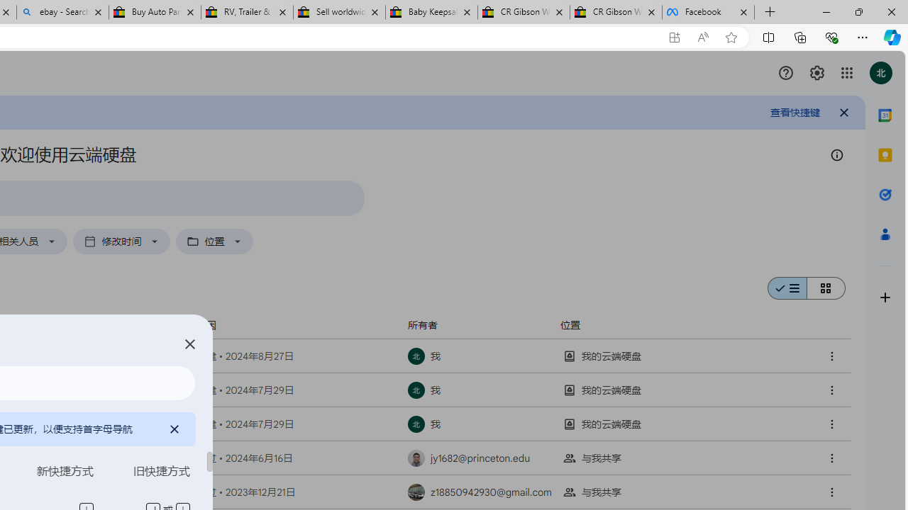  I want to click on 'Buy Auto Parts & Accessories | eBay', so click(155, 12).